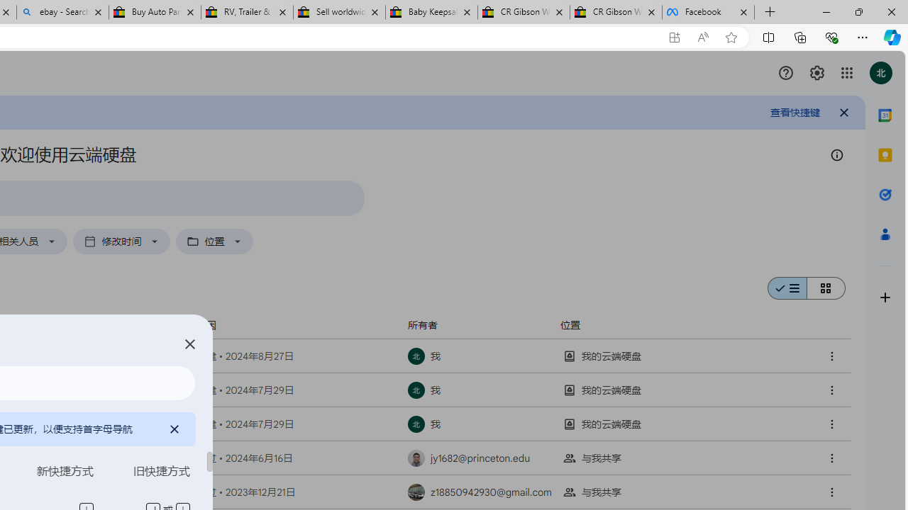  I want to click on 'Buy Auto Parts & Accessories | eBay', so click(155, 12).